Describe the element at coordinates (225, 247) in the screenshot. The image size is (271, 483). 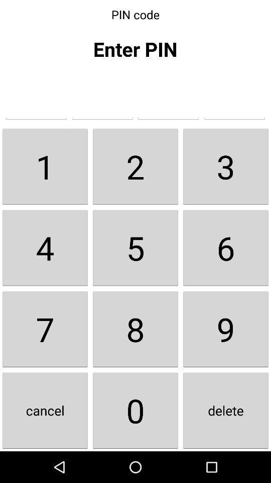
I see `6 item` at that location.